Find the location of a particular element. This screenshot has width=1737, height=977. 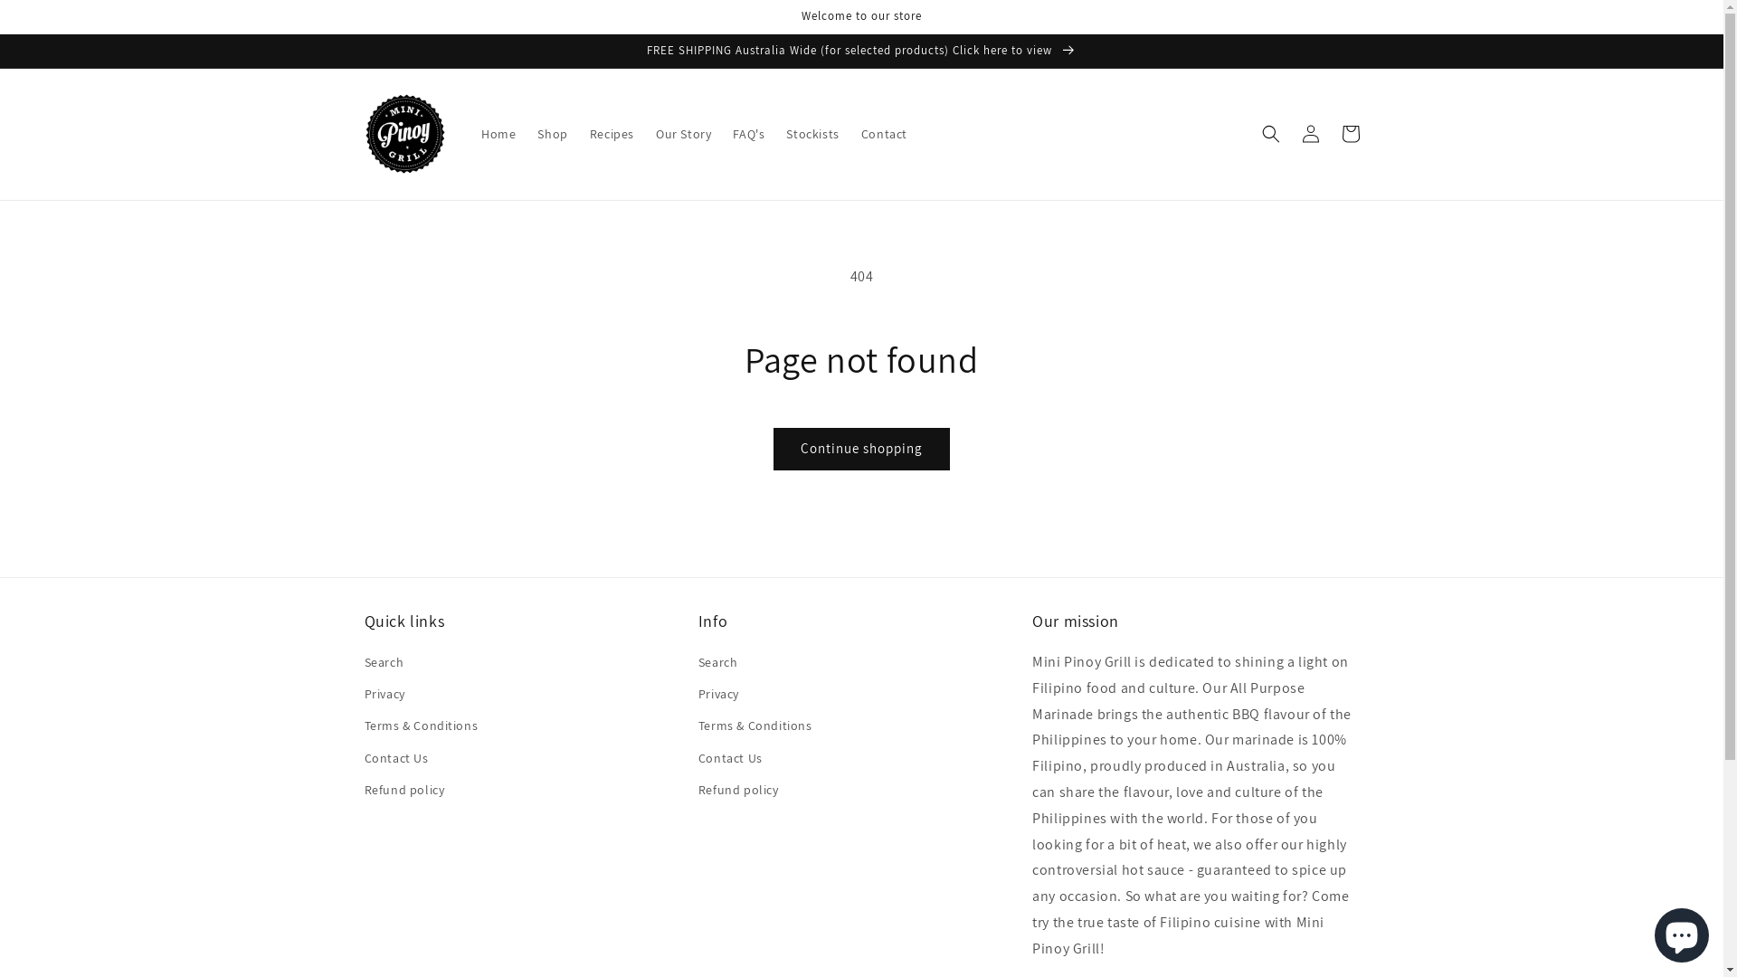

'Home' is located at coordinates (498, 132).